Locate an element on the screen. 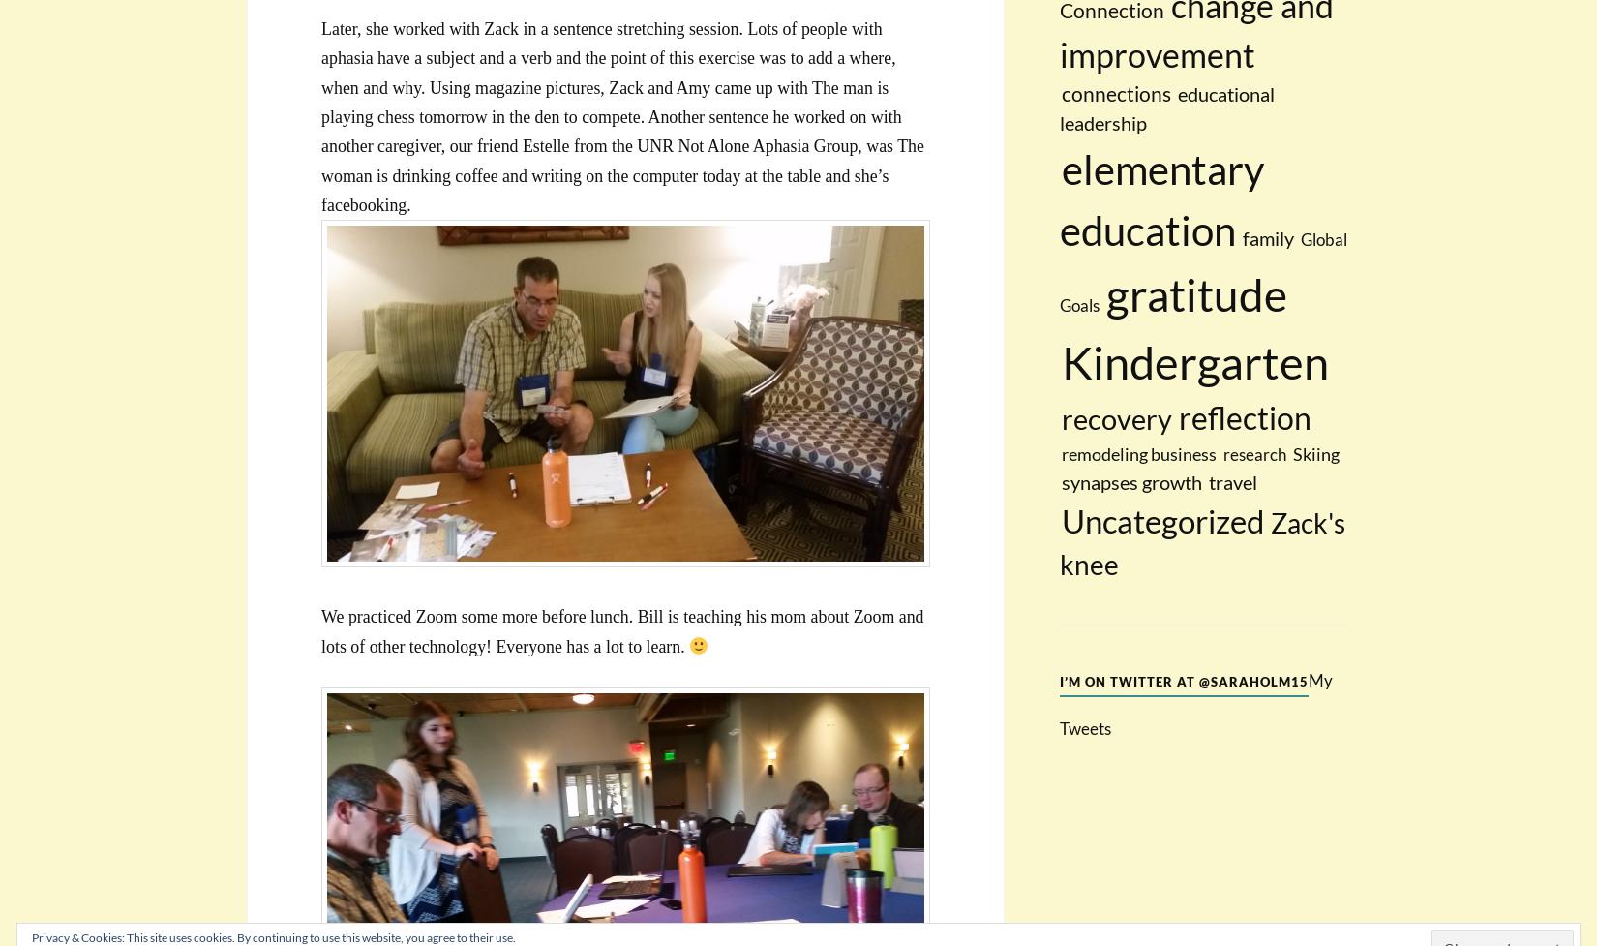 This screenshot has width=1597, height=946. 'Skiing' is located at coordinates (1292, 454).